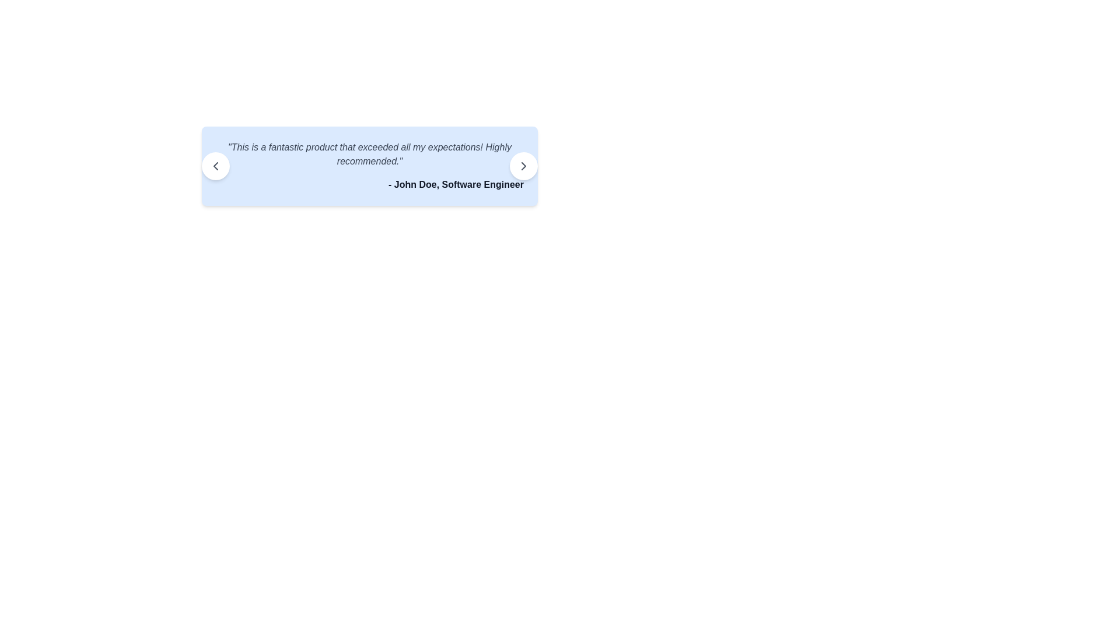  What do you see at coordinates (369, 166) in the screenshot?
I see `displayed testimonial from the central display box that contains user feedback and related information` at bounding box center [369, 166].